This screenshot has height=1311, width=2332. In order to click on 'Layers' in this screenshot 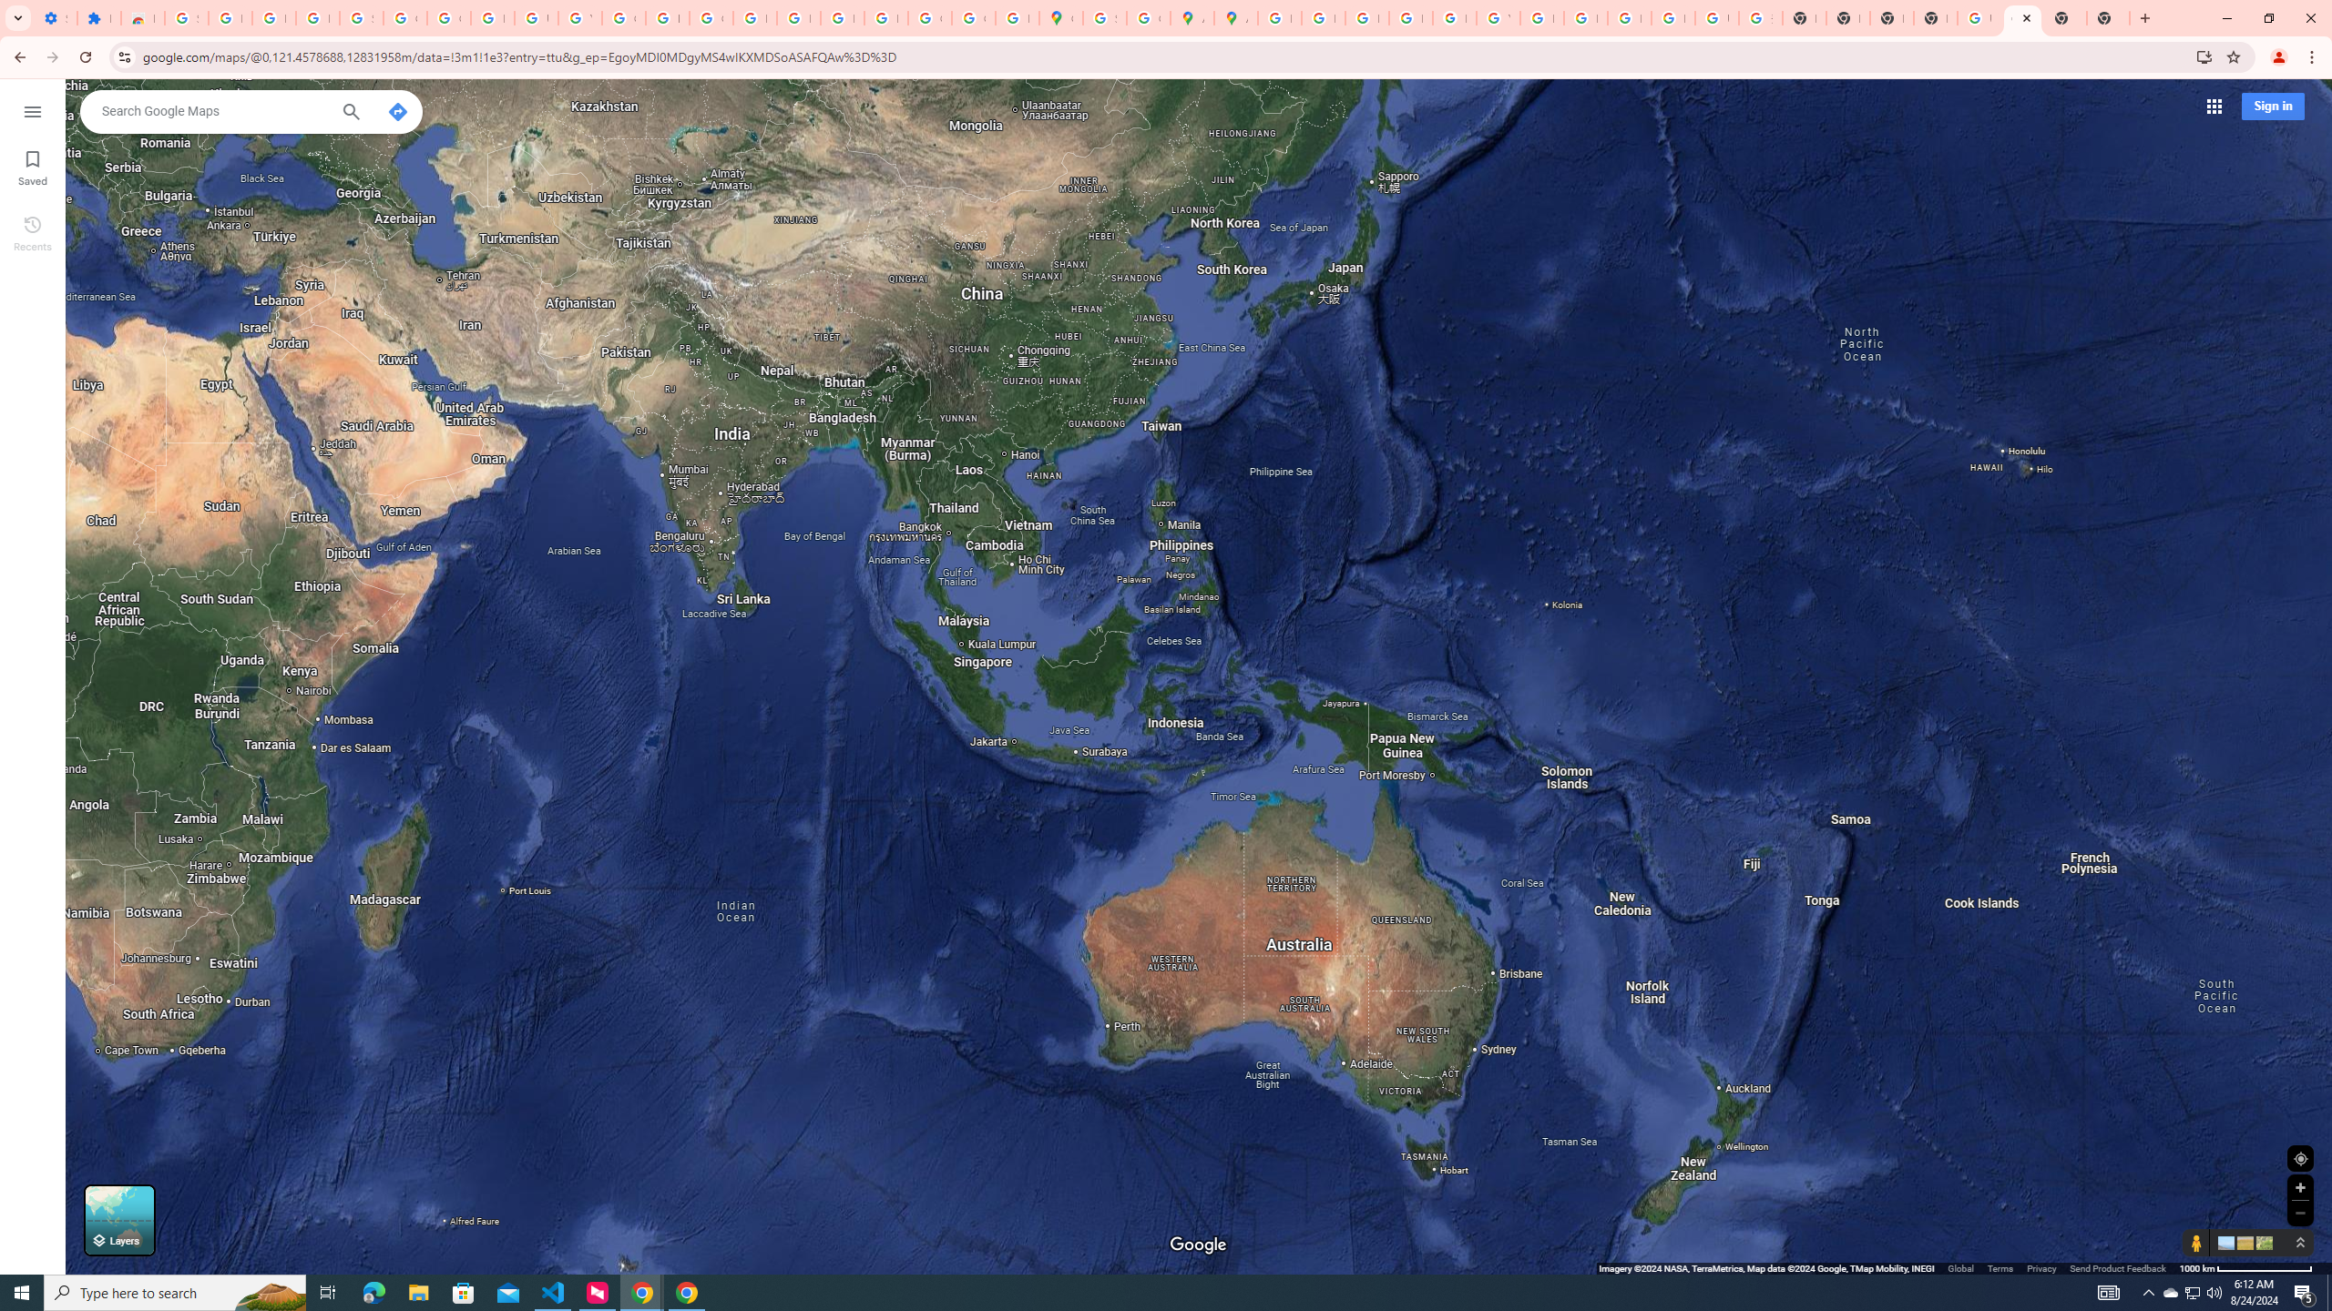, I will do `click(118, 1220)`.